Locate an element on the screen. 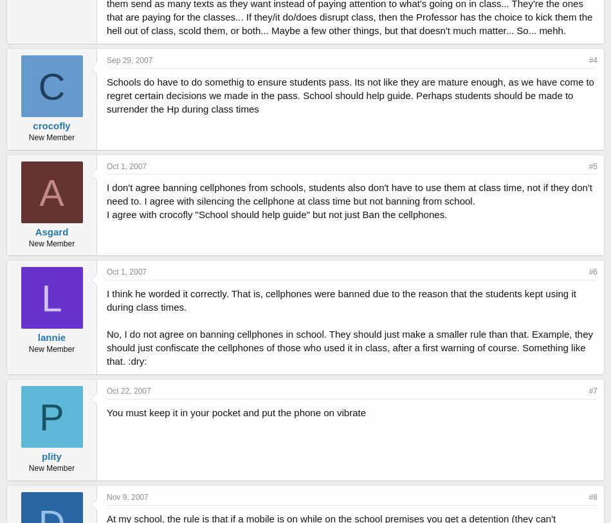 This screenshot has width=611, height=523. 'Nov 9, 2007' is located at coordinates (127, 497).